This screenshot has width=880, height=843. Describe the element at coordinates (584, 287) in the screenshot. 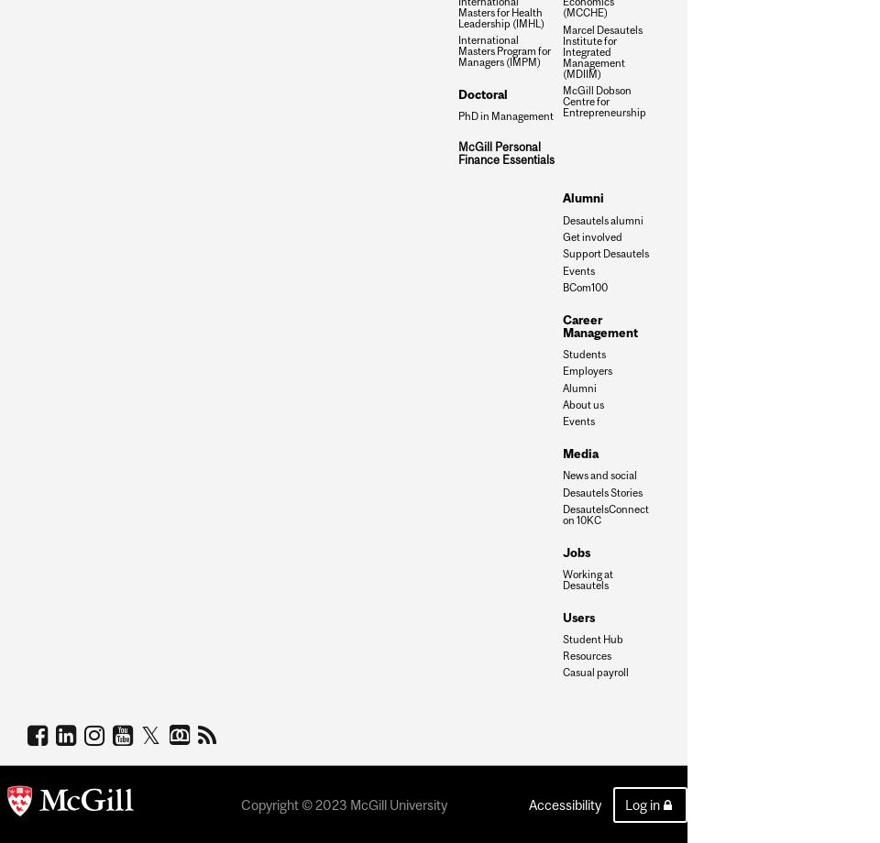

I see `'BCom100'` at that location.